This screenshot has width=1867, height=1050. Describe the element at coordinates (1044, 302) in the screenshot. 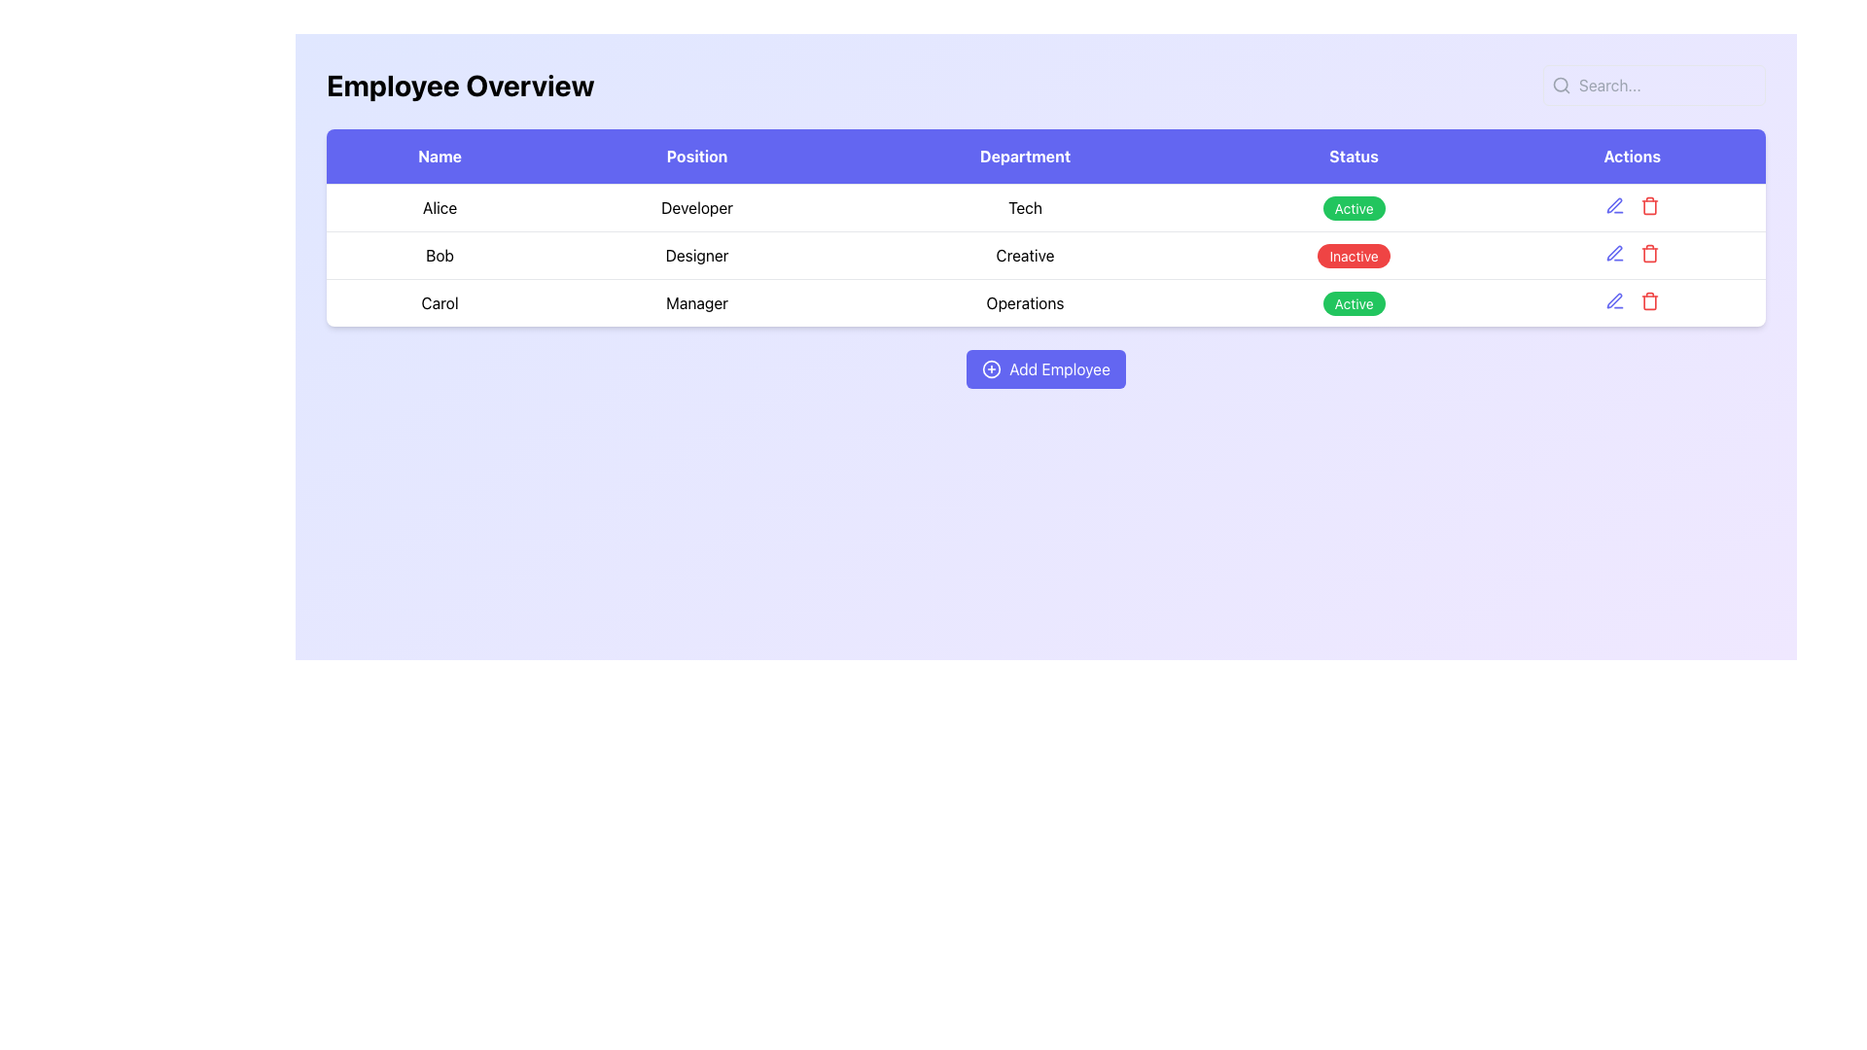

I see `the third row of the employee overview table that displays the name 'Carol', position 'Manager', department 'Operations', and status 'Active'` at that location.